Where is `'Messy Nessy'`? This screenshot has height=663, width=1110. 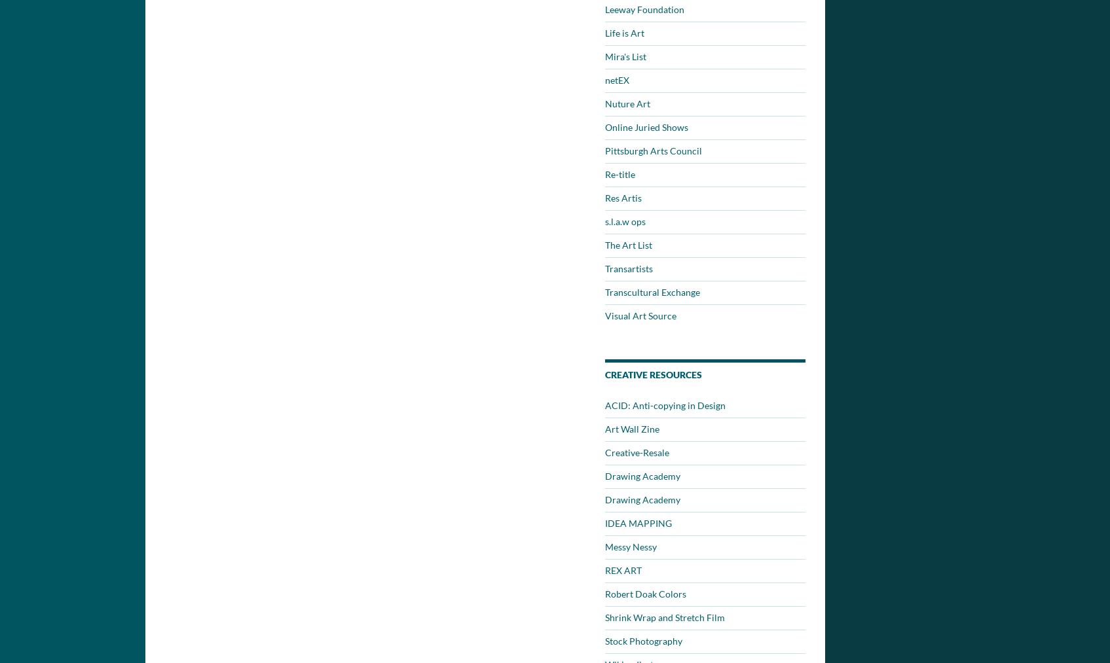
'Messy Nessy' is located at coordinates (631, 546).